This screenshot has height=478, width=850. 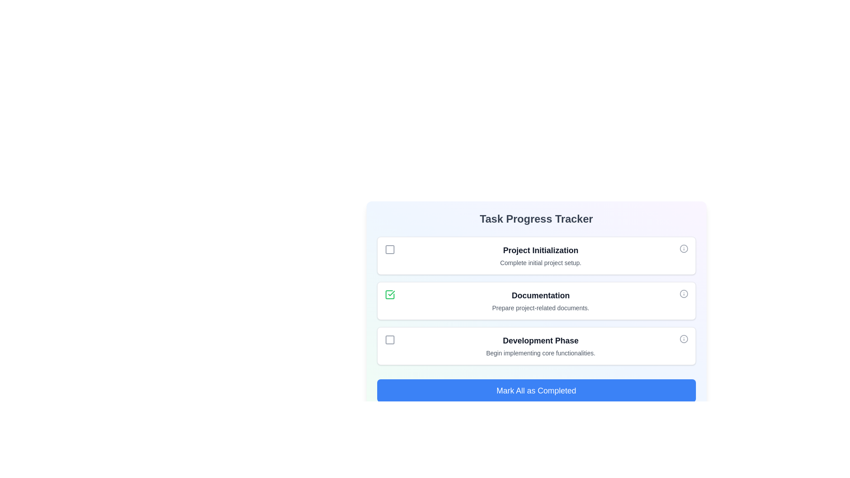 What do you see at coordinates (540, 256) in the screenshot?
I see `text label for 'Project Initialization' located in the first row of the task items list within the progress tracker interface` at bounding box center [540, 256].